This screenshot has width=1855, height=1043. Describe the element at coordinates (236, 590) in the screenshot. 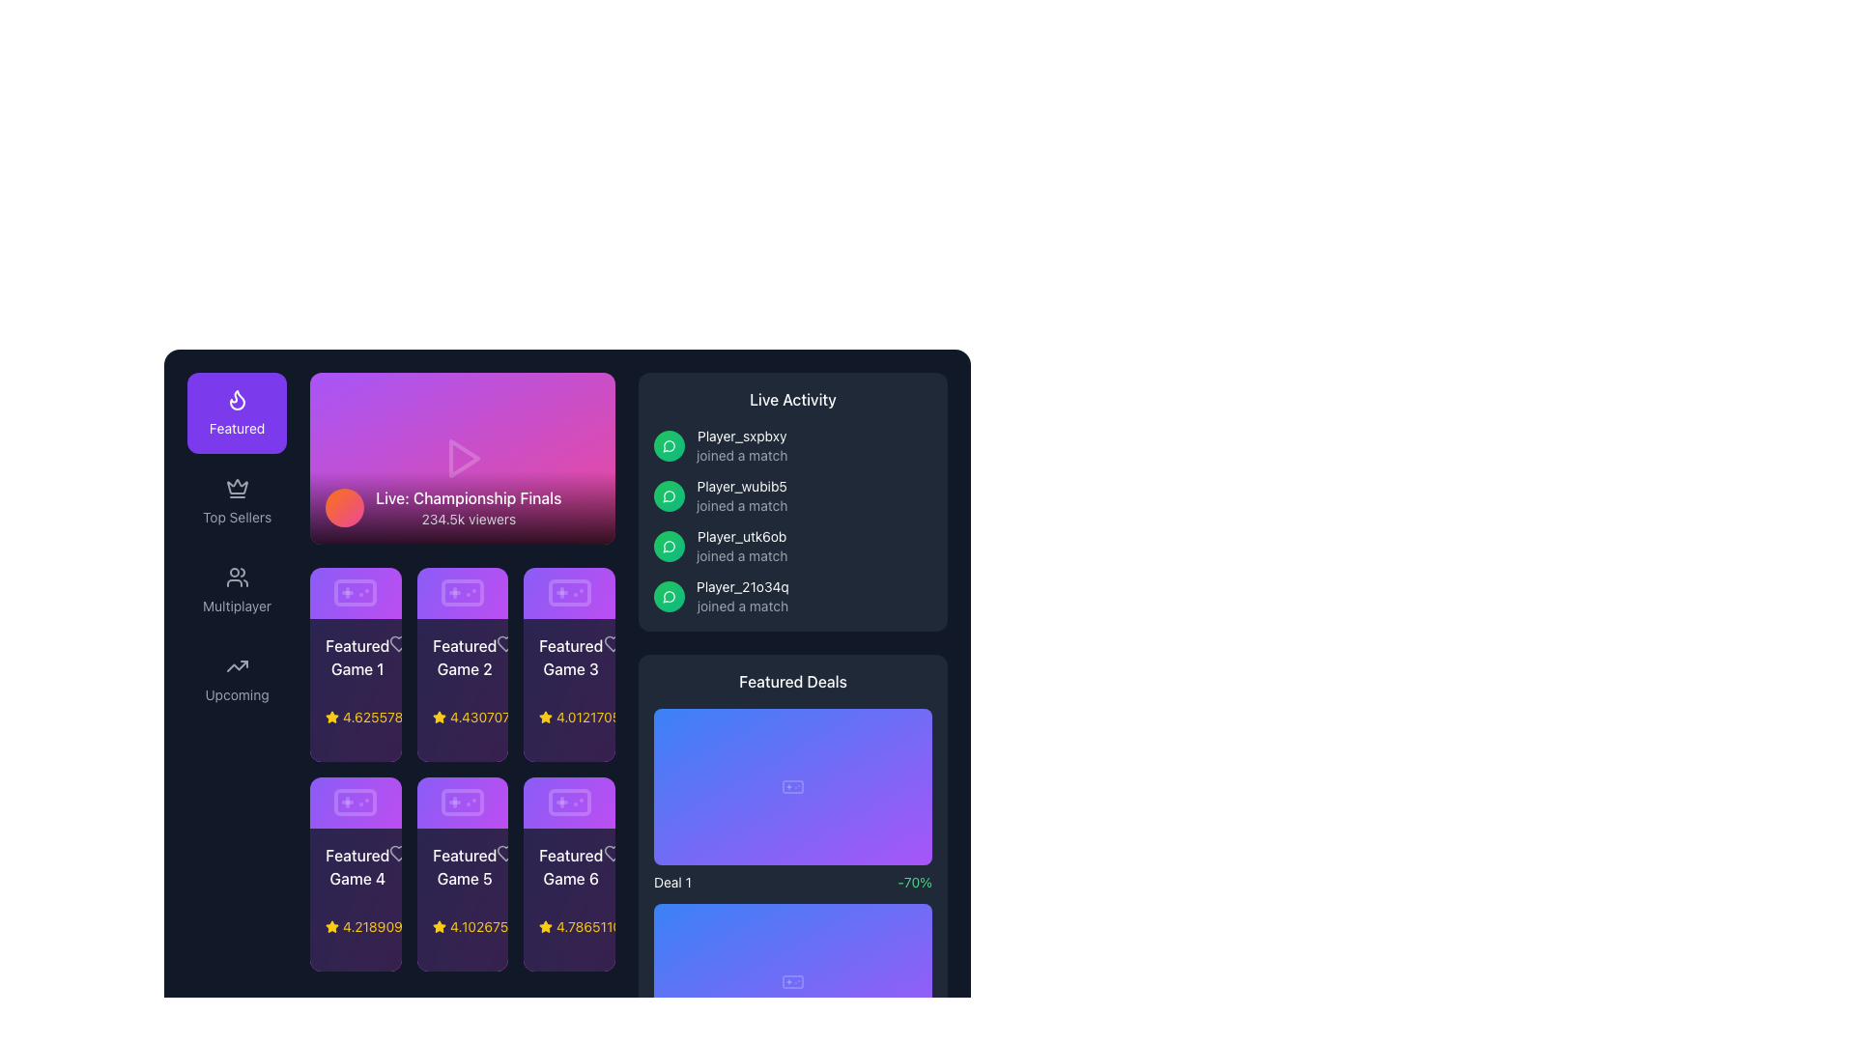

I see `the multiplayer navigation button located in the vertical menu on the left side of the interface, which is the third item below 'Top Sellers' and above 'Upcoming' to trigger a visual change` at that location.